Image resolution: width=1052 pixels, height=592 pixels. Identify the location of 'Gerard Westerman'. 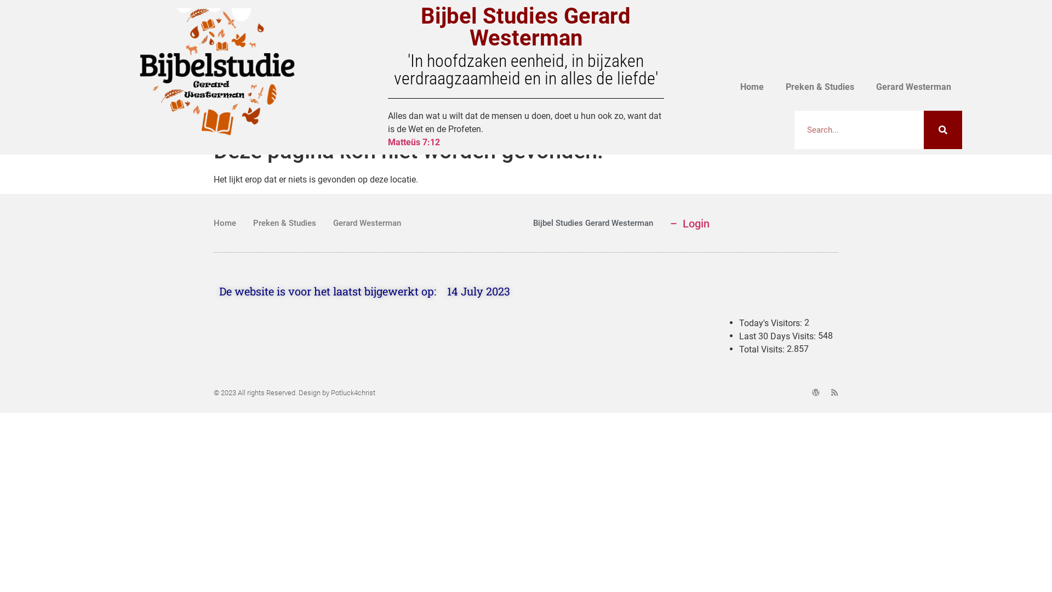
(913, 86).